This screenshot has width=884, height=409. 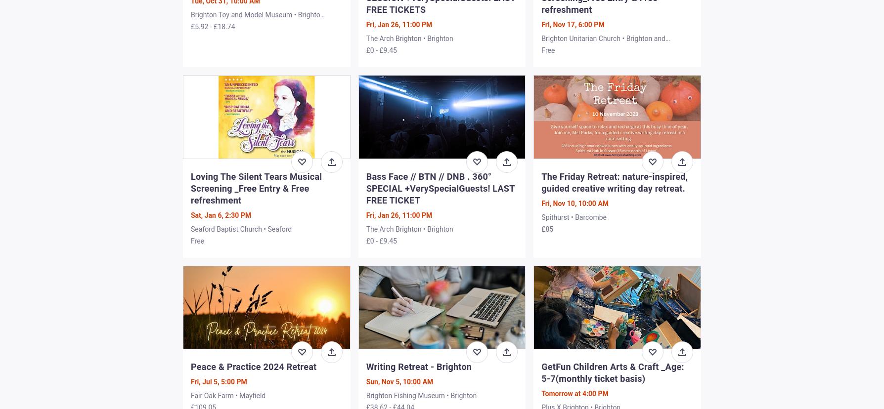 I want to click on 'GetFun Children Arts & Craft _Age: 5-7(monthly ticket basis)', so click(x=612, y=371).